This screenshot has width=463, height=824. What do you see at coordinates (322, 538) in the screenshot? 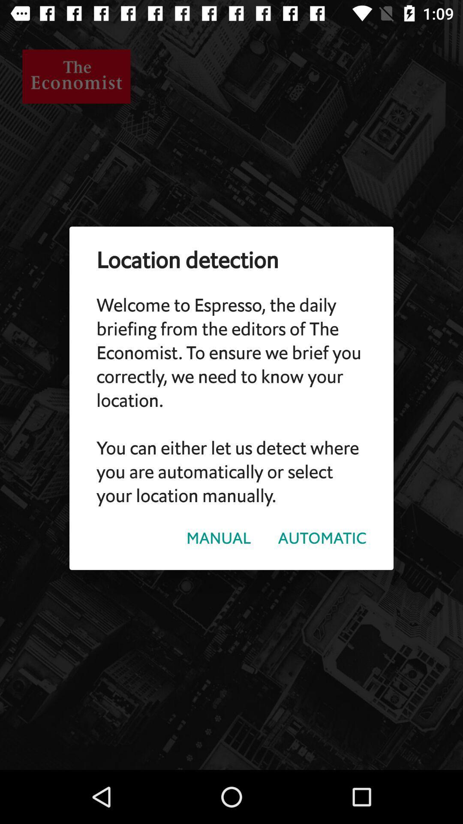
I see `icon to the right of manual button` at bounding box center [322, 538].